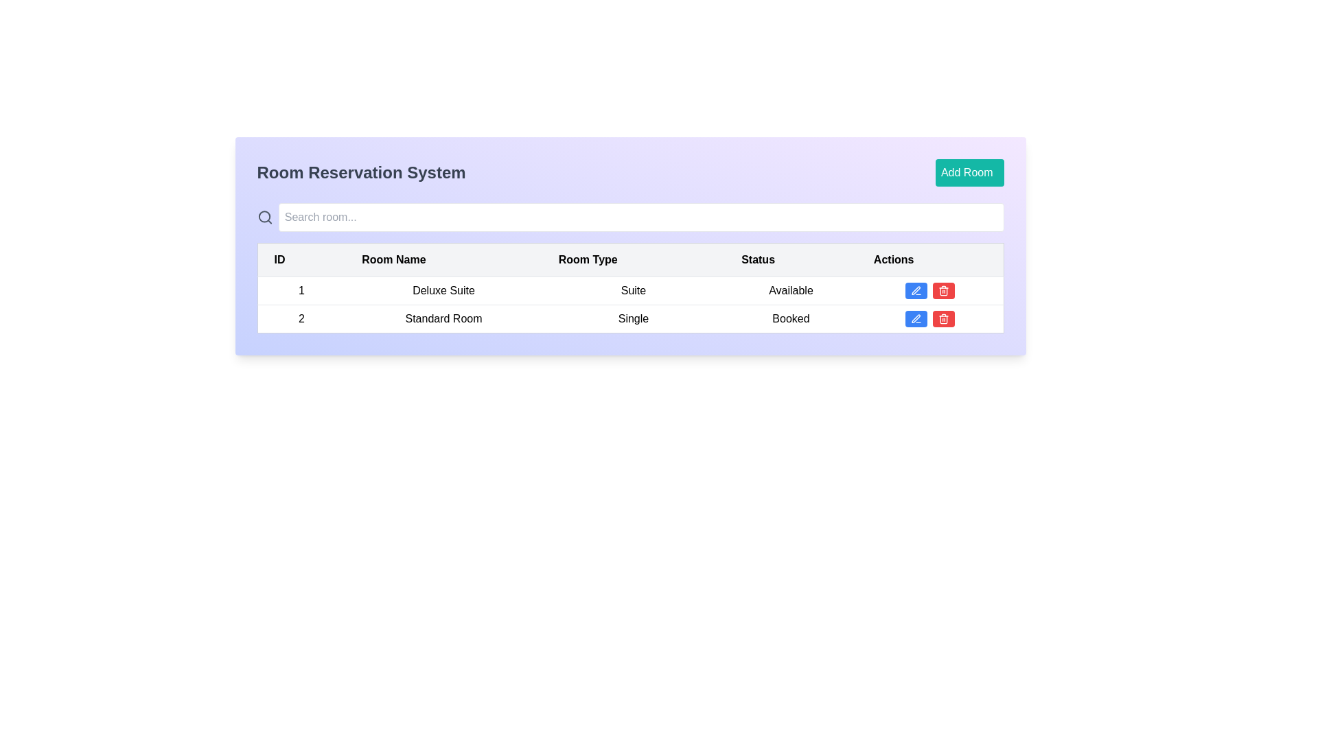  What do you see at coordinates (916, 318) in the screenshot?
I see `the edit button (icon-style, SVG-based) located in the 'Actions' column of the second row in the table, next to the 'Standard Room' entry` at bounding box center [916, 318].